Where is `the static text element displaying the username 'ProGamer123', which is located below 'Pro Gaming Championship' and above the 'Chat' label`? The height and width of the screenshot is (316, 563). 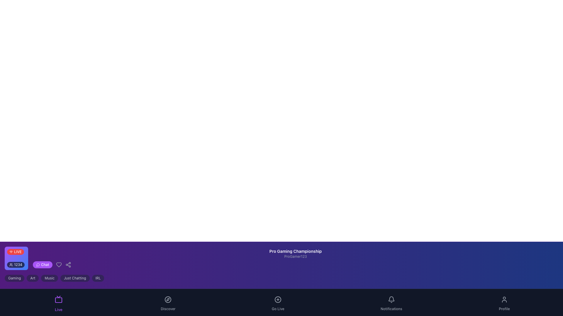 the static text element displaying the username 'ProGamer123', which is located below 'Pro Gaming Championship' and above the 'Chat' label is located at coordinates (296, 256).